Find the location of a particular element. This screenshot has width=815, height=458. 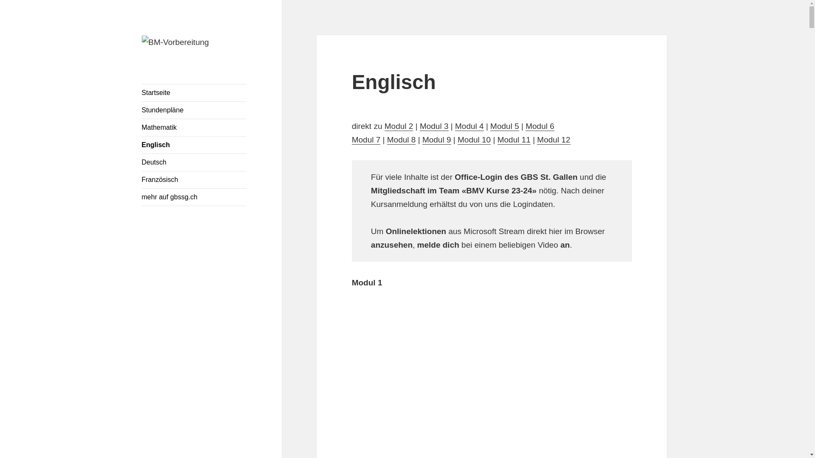

'Modul 2' is located at coordinates (399, 126).